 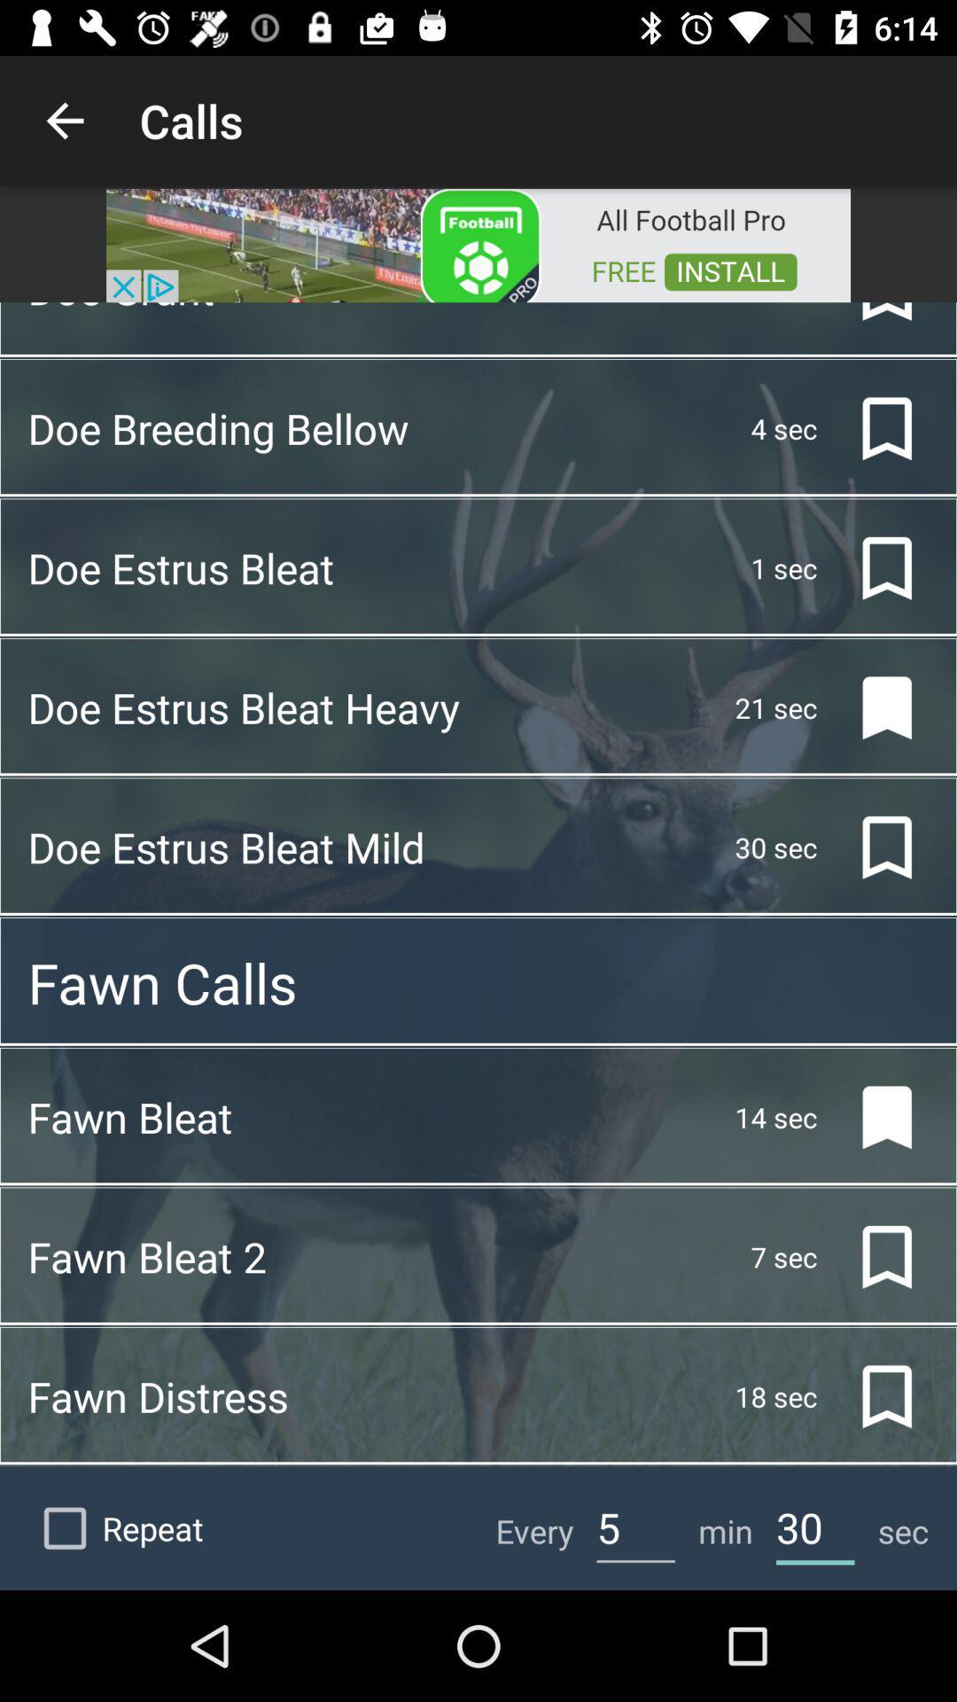 What do you see at coordinates (478, 243) in the screenshot?
I see `open this advertisement` at bounding box center [478, 243].